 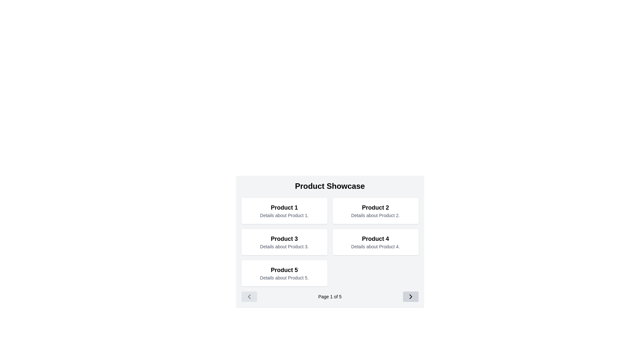 I want to click on the text label that identifies 'Product 1' located in the top-left cell of the 'Product Showcase' section, so click(x=284, y=208).